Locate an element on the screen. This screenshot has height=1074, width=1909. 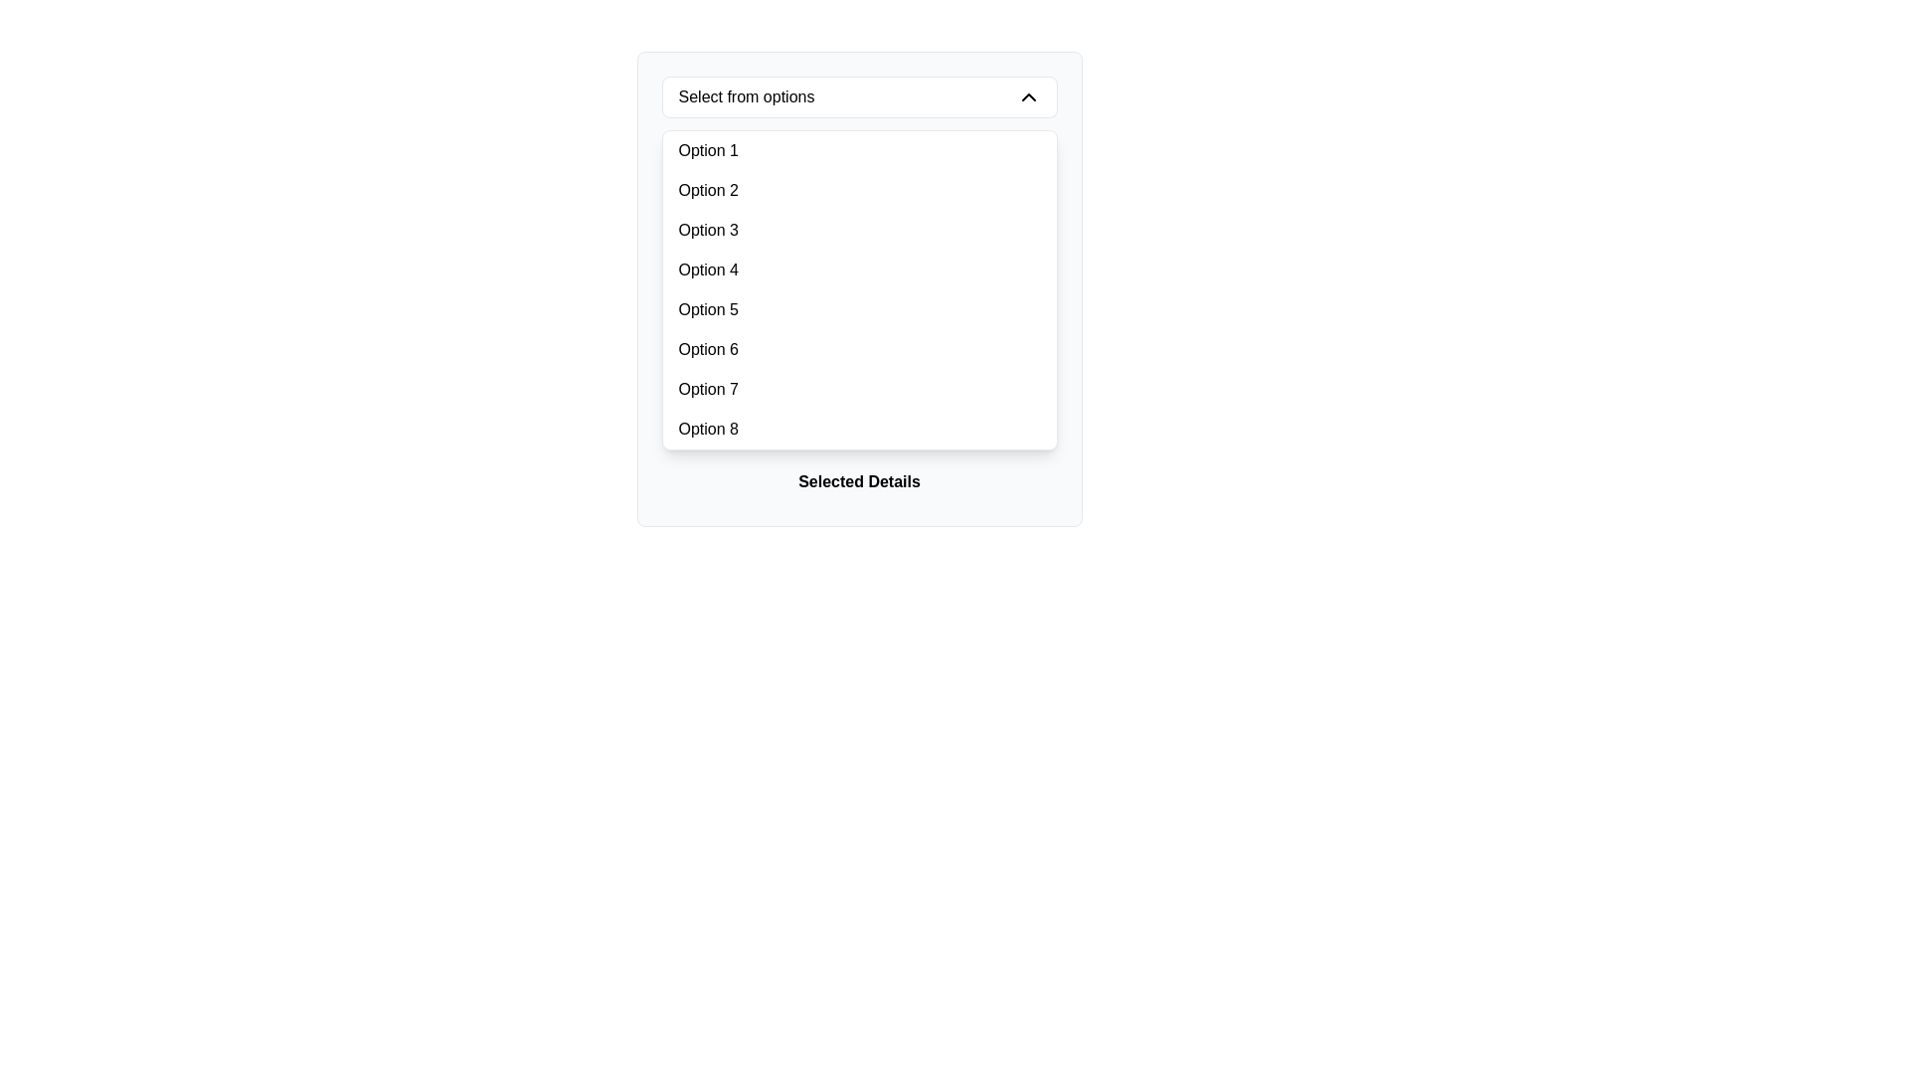
the first option in the dropdown menu is located at coordinates (859, 149).